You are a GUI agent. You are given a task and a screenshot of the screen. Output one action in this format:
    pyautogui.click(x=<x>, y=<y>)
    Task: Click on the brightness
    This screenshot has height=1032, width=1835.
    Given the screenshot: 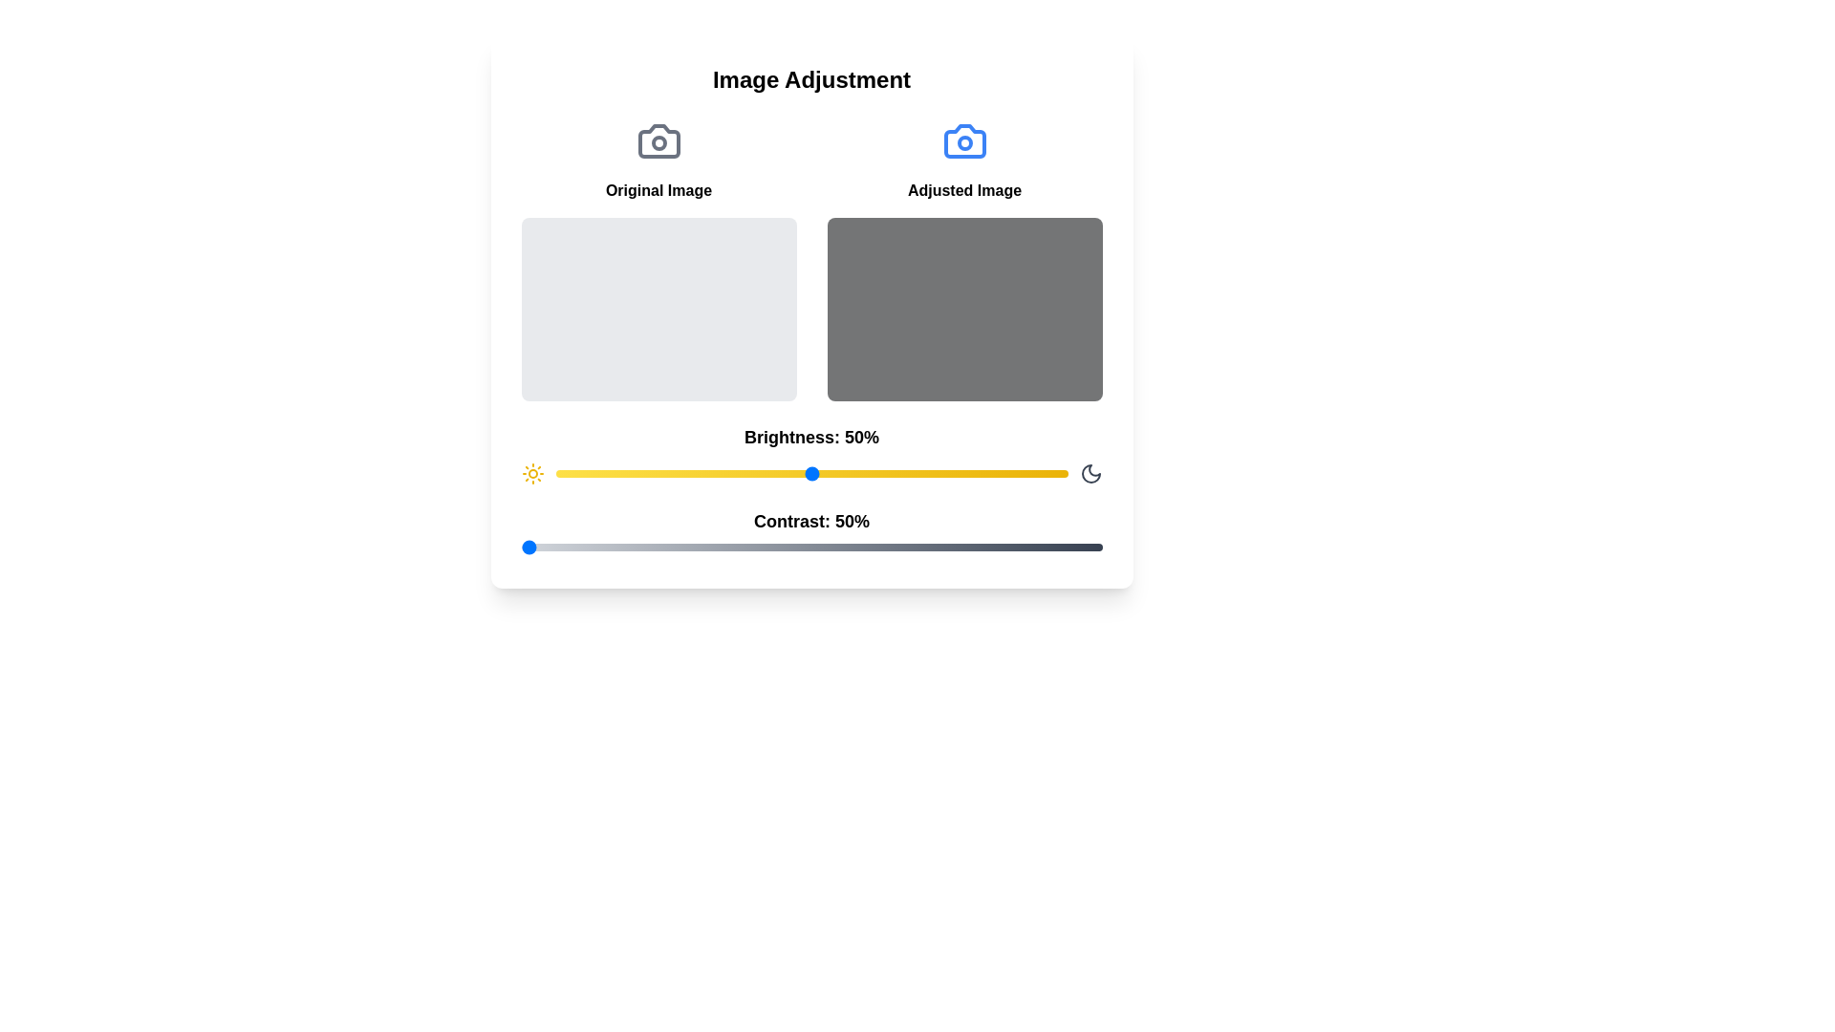 What is the action you would take?
    pyautogui.click(x=981, y=473)
    